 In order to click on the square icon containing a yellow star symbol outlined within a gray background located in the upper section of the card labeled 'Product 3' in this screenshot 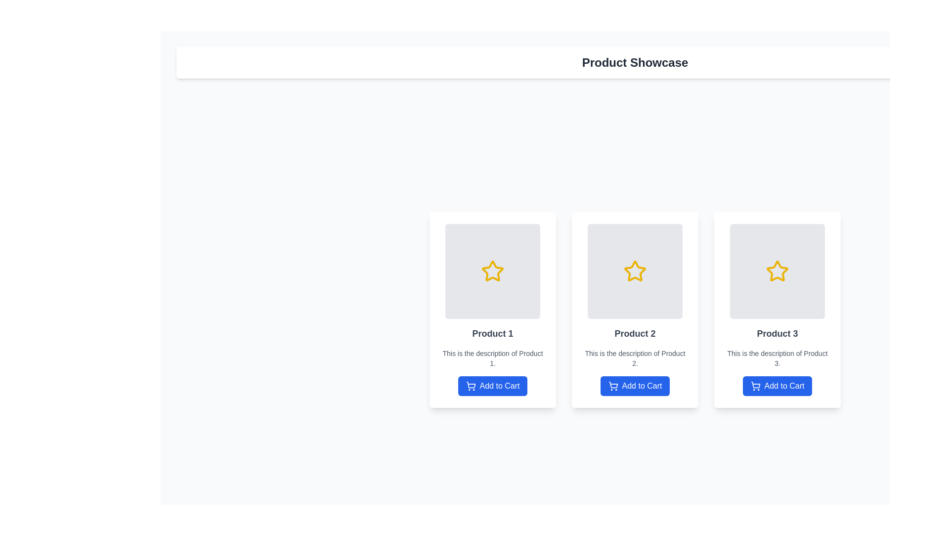, I will do `click(777, 271)`.